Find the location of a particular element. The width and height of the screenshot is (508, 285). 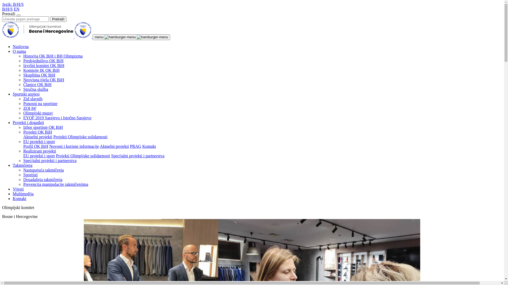

'Komisije IK OK BiH' is located at coordinates (41, 70).